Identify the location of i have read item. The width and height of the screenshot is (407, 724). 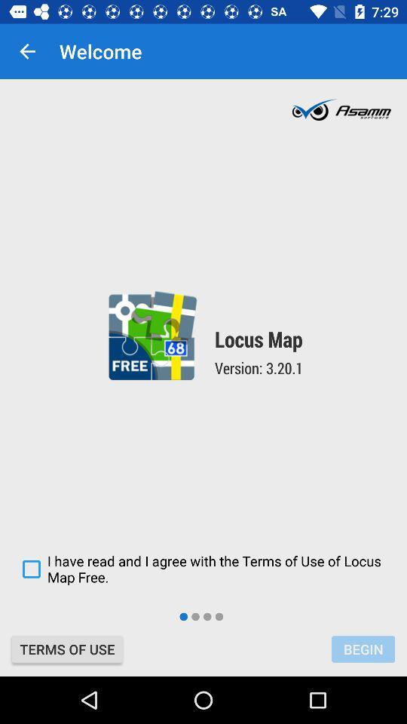
(203, 568).